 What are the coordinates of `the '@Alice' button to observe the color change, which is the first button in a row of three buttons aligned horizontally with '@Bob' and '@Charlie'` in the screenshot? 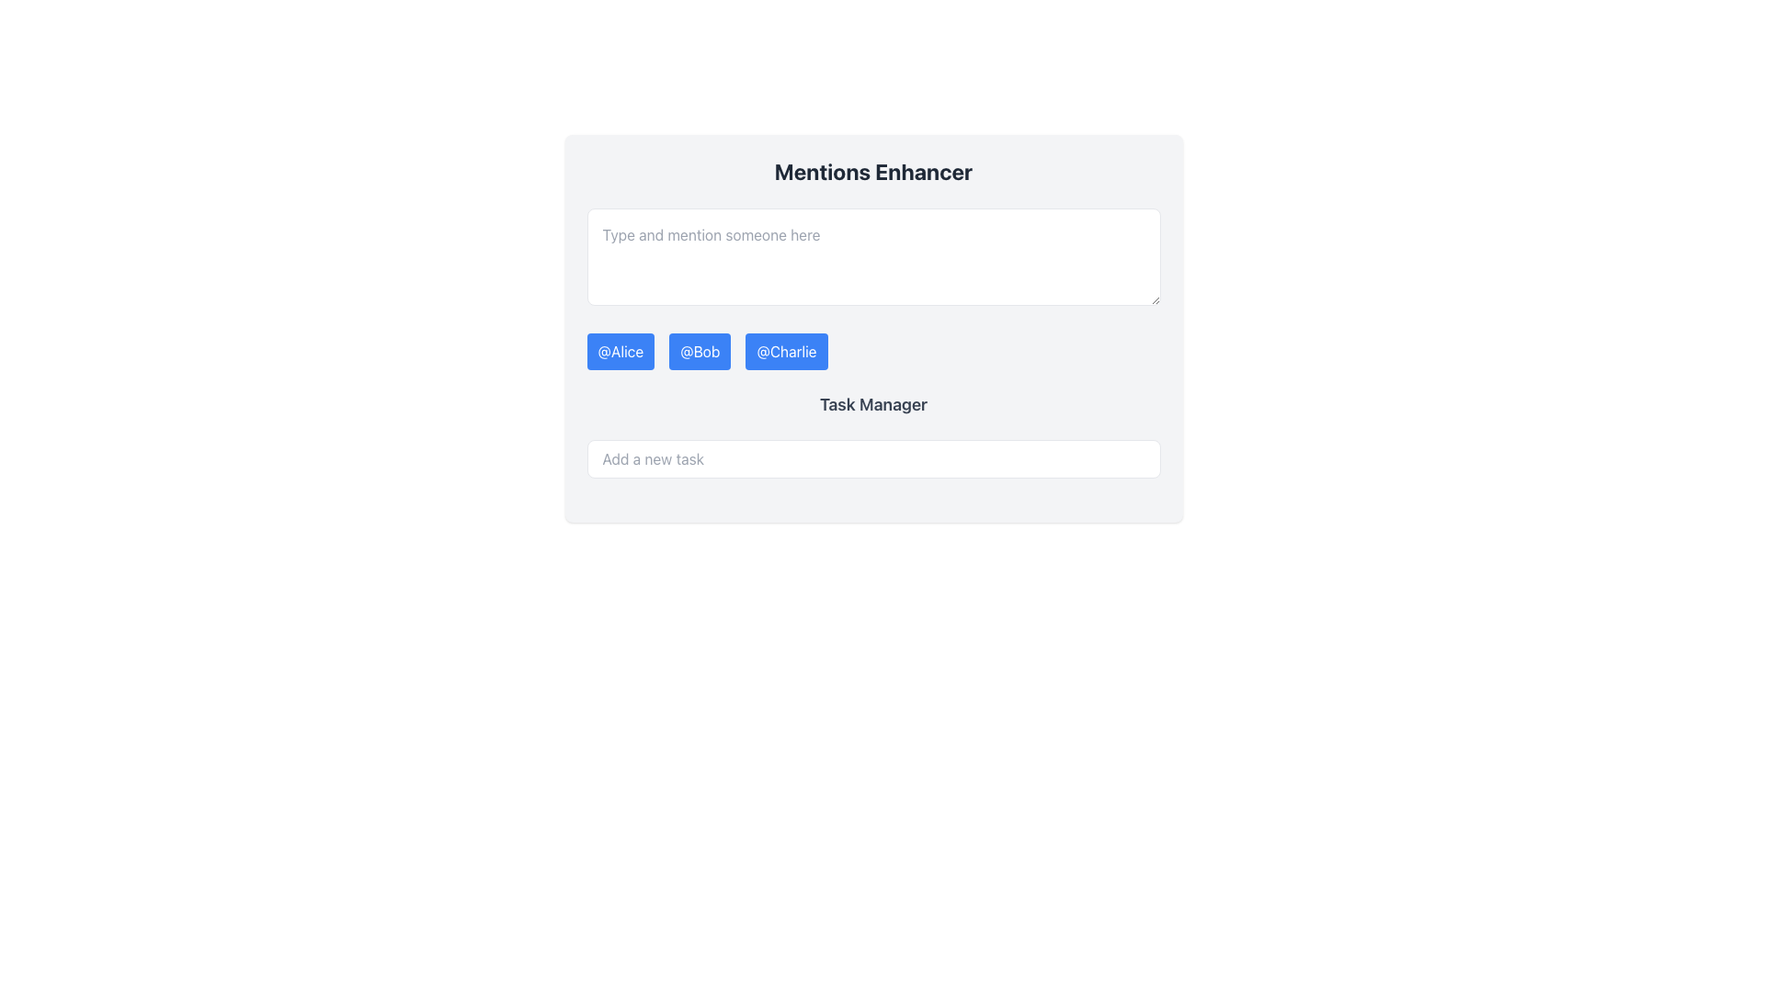 It's located at (621, 351).